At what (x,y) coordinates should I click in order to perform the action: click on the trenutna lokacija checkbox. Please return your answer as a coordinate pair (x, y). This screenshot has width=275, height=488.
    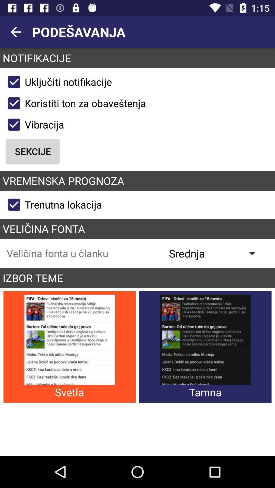
    Looking at the image, I should click on (53, 205).